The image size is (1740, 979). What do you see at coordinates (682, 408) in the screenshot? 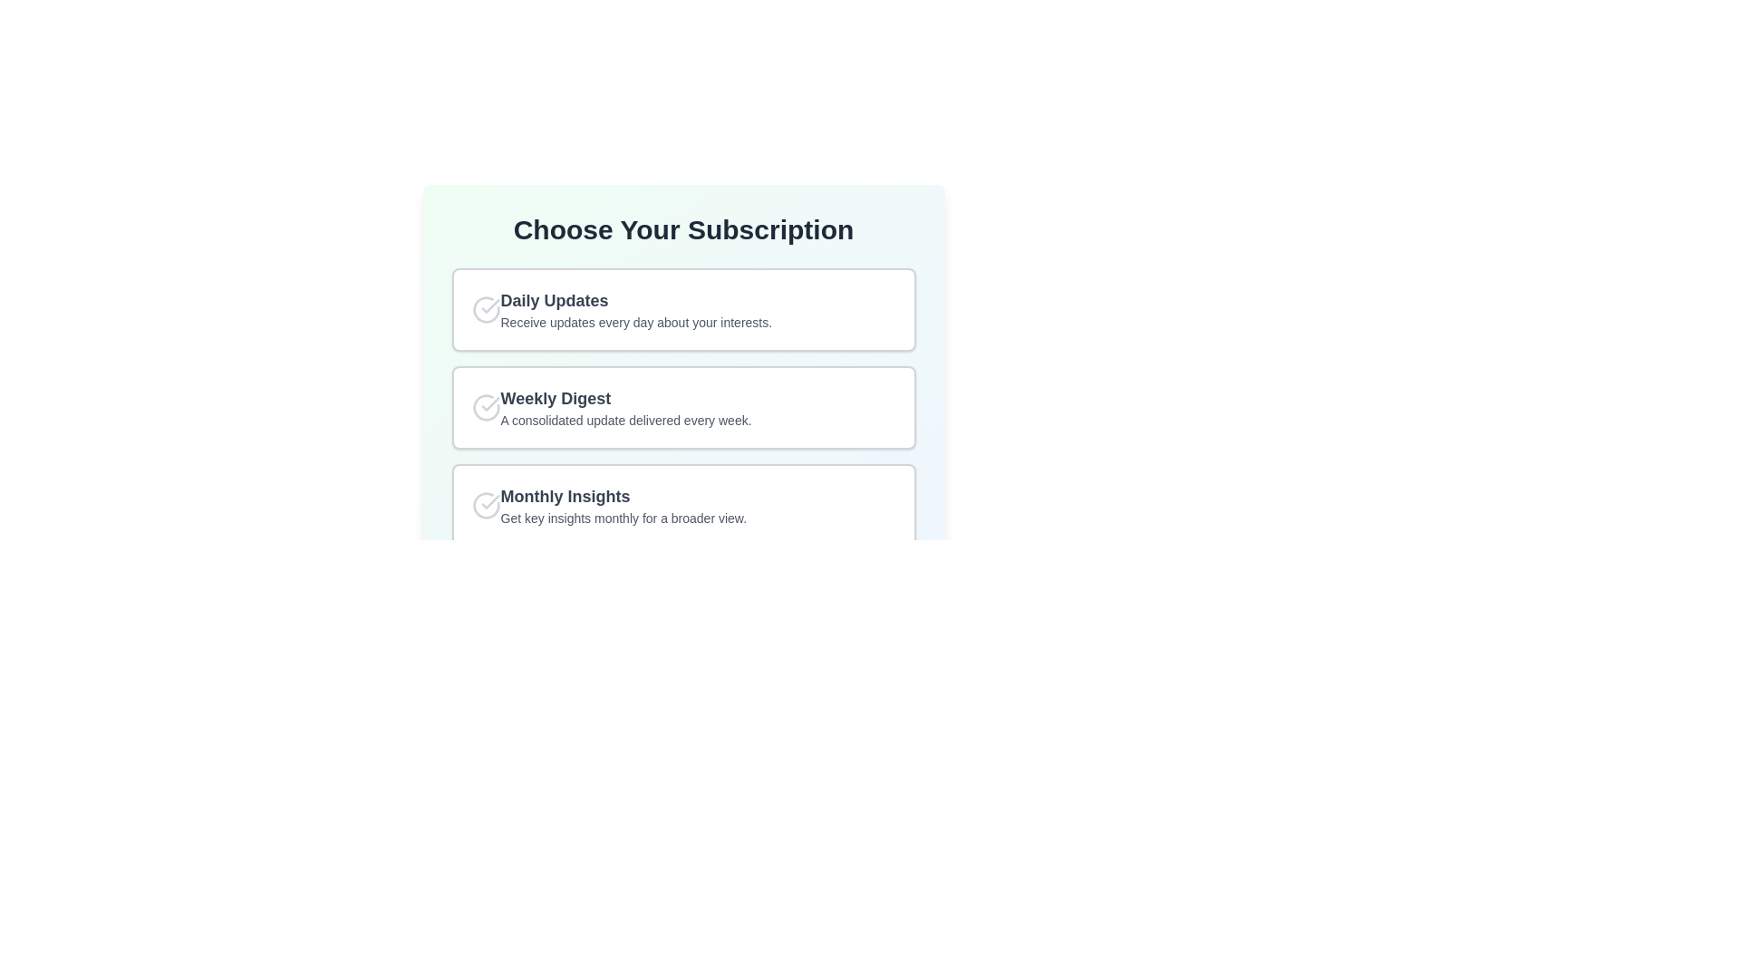
I see `the second interactive card element for weekly digest subscription located centrally in the viewing area` at bounding box center [682, 408].